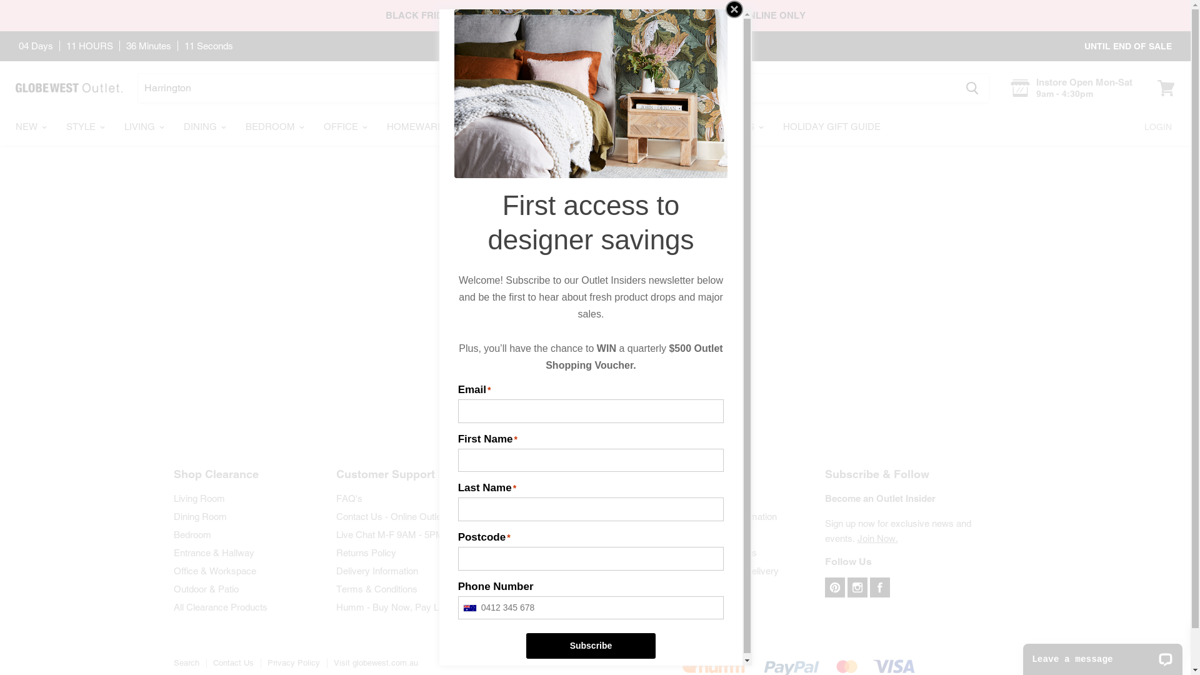 This screenshot has width=1200, height=675. Describe the element at coordinates (389, 534) in the screenshot. I see `'Live Chat M-F 9AM - 5PM'` at that location.